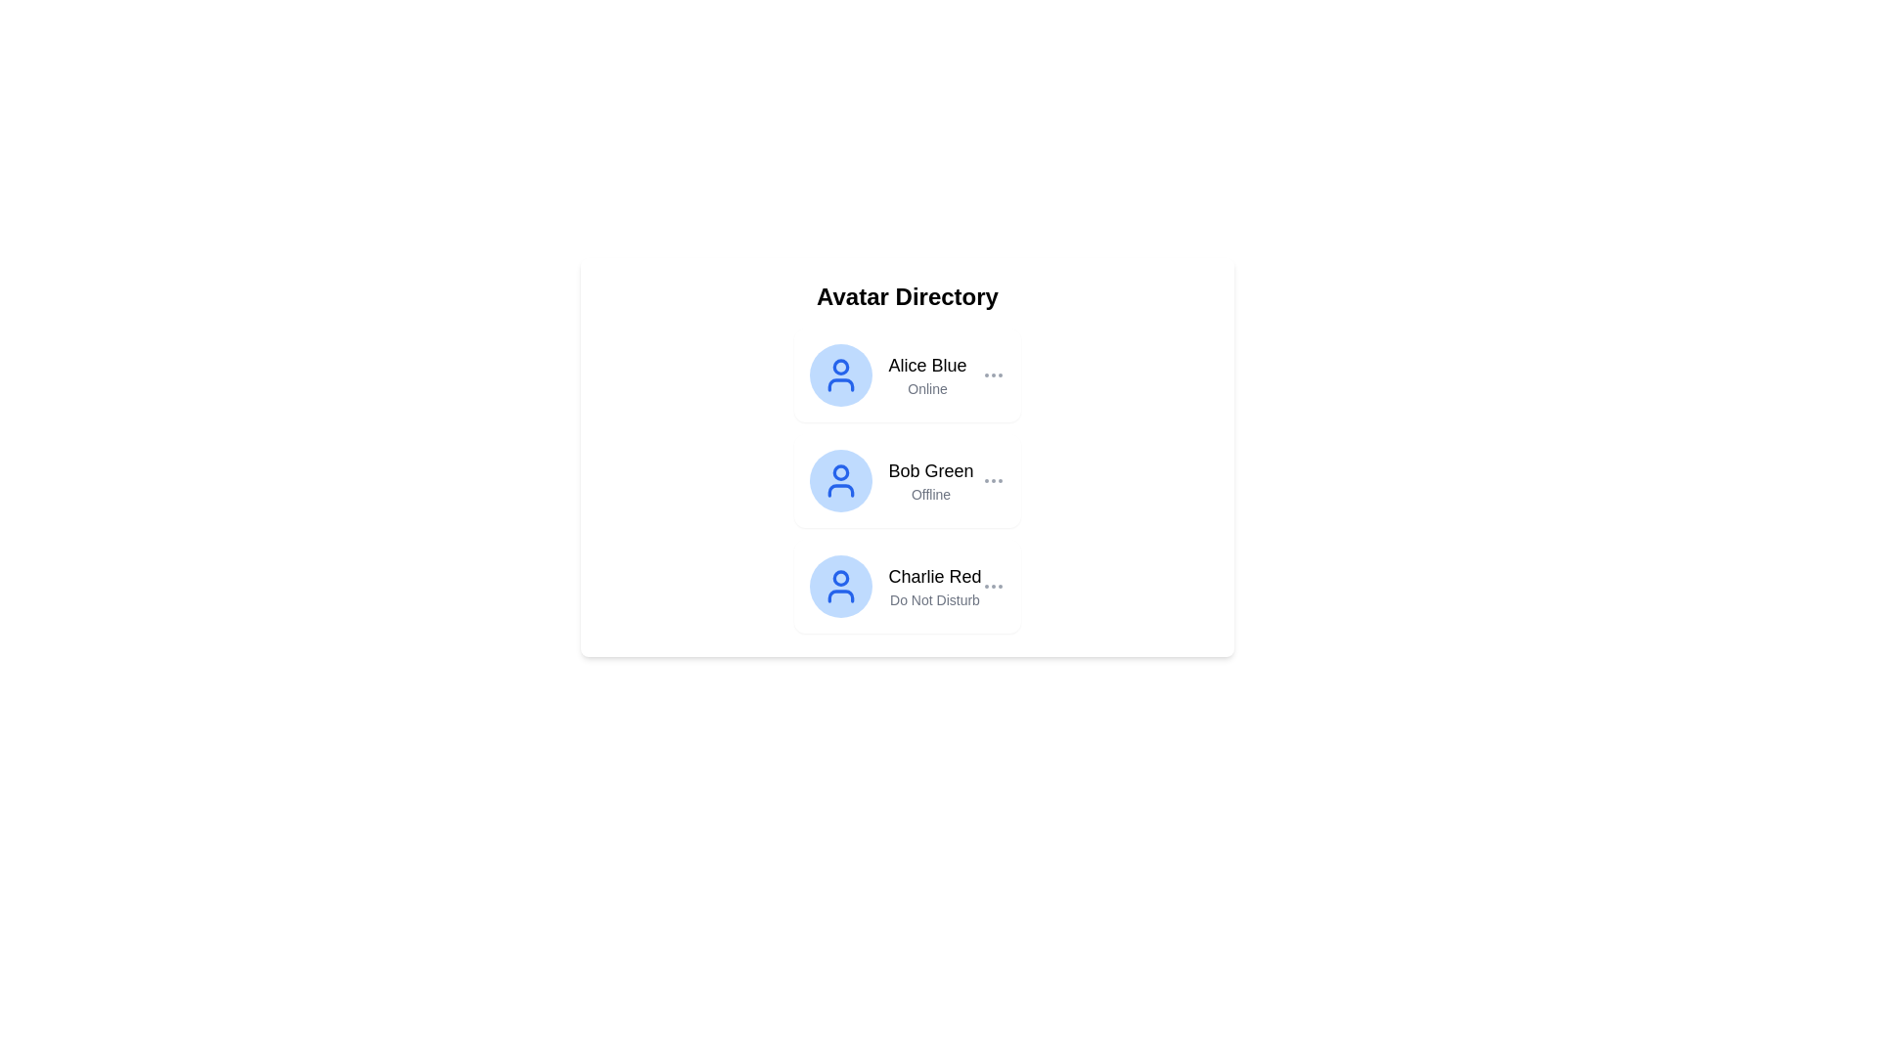 This screenshot has height=1056, width=1878. I want to click on on the user avatar icon representing 'Bob Green', so click(841, 481).